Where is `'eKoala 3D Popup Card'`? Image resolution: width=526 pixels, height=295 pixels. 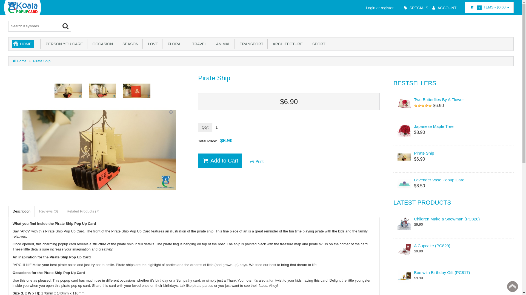 'eKoala 3D Popup Card' is located at coordinates (22, 7).